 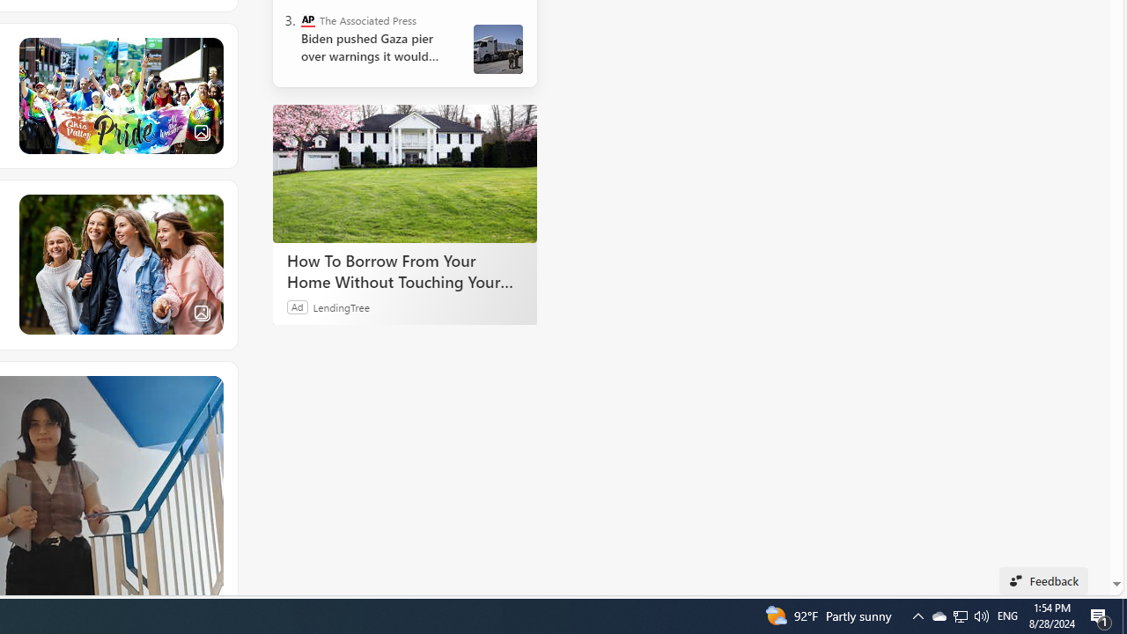 I want to click on 'The Associated Press', so click(x=308, y=20).